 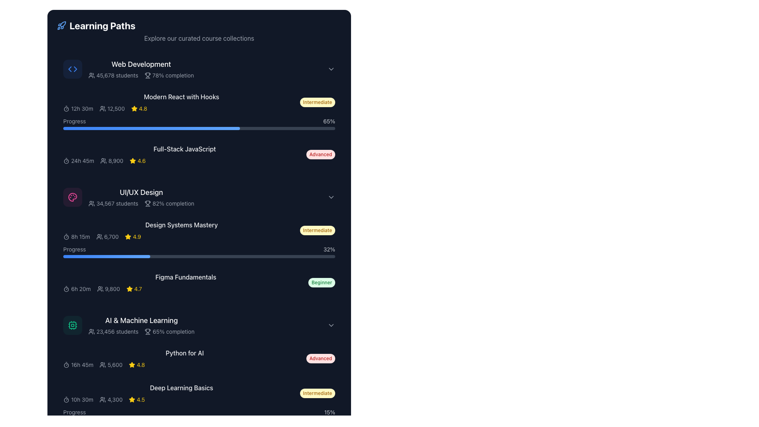 I want to click on the star icon for rating indication located in the 'Full-Stack JavaScript' section, which represents a rating score of 4.6, so click(x=133, y=161).